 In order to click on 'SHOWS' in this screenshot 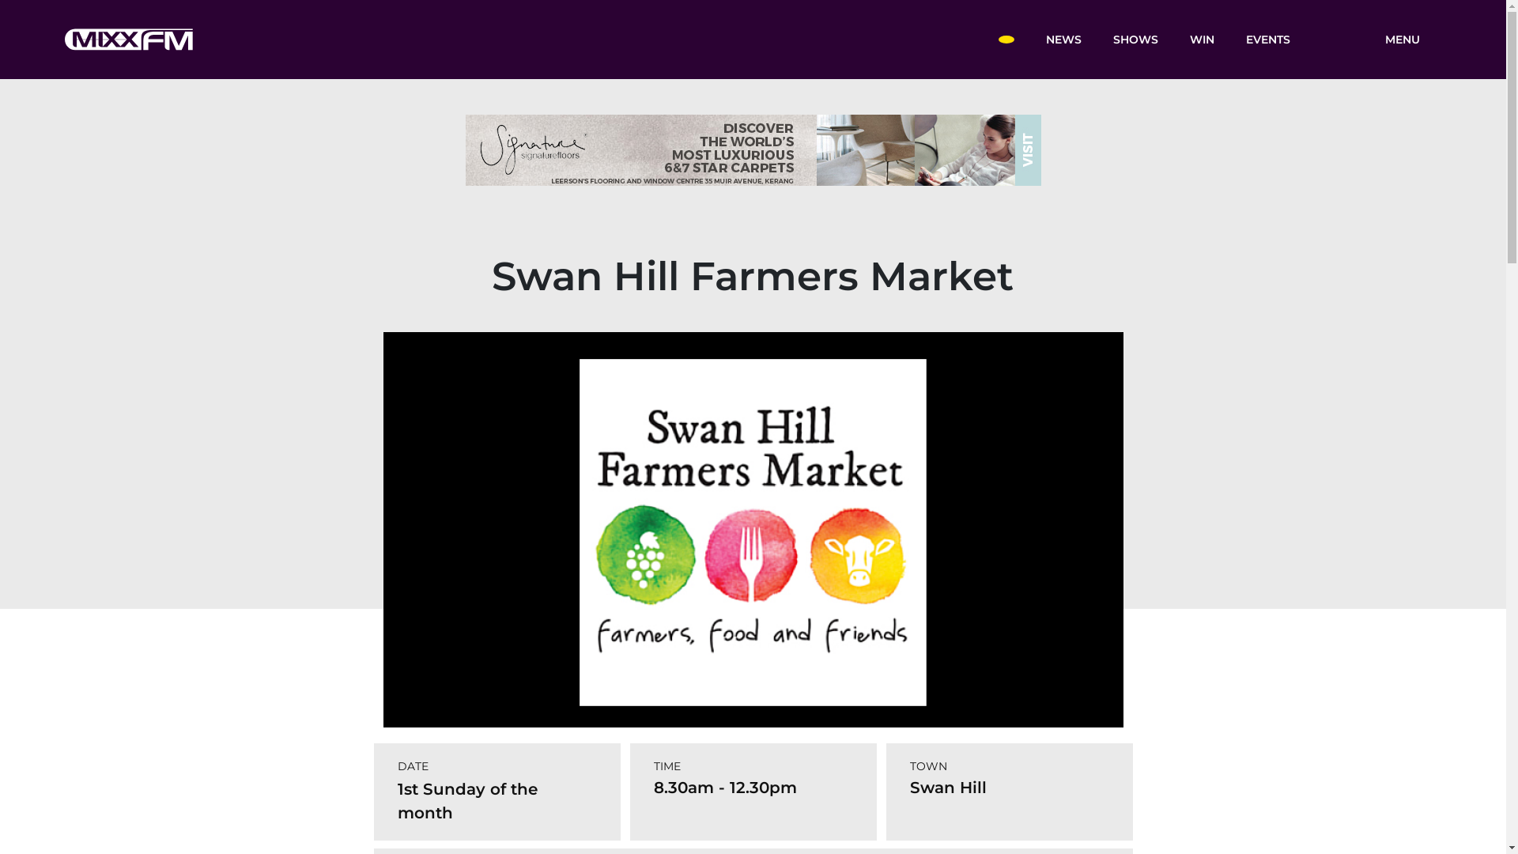, I will do `click(1135, 38)`.